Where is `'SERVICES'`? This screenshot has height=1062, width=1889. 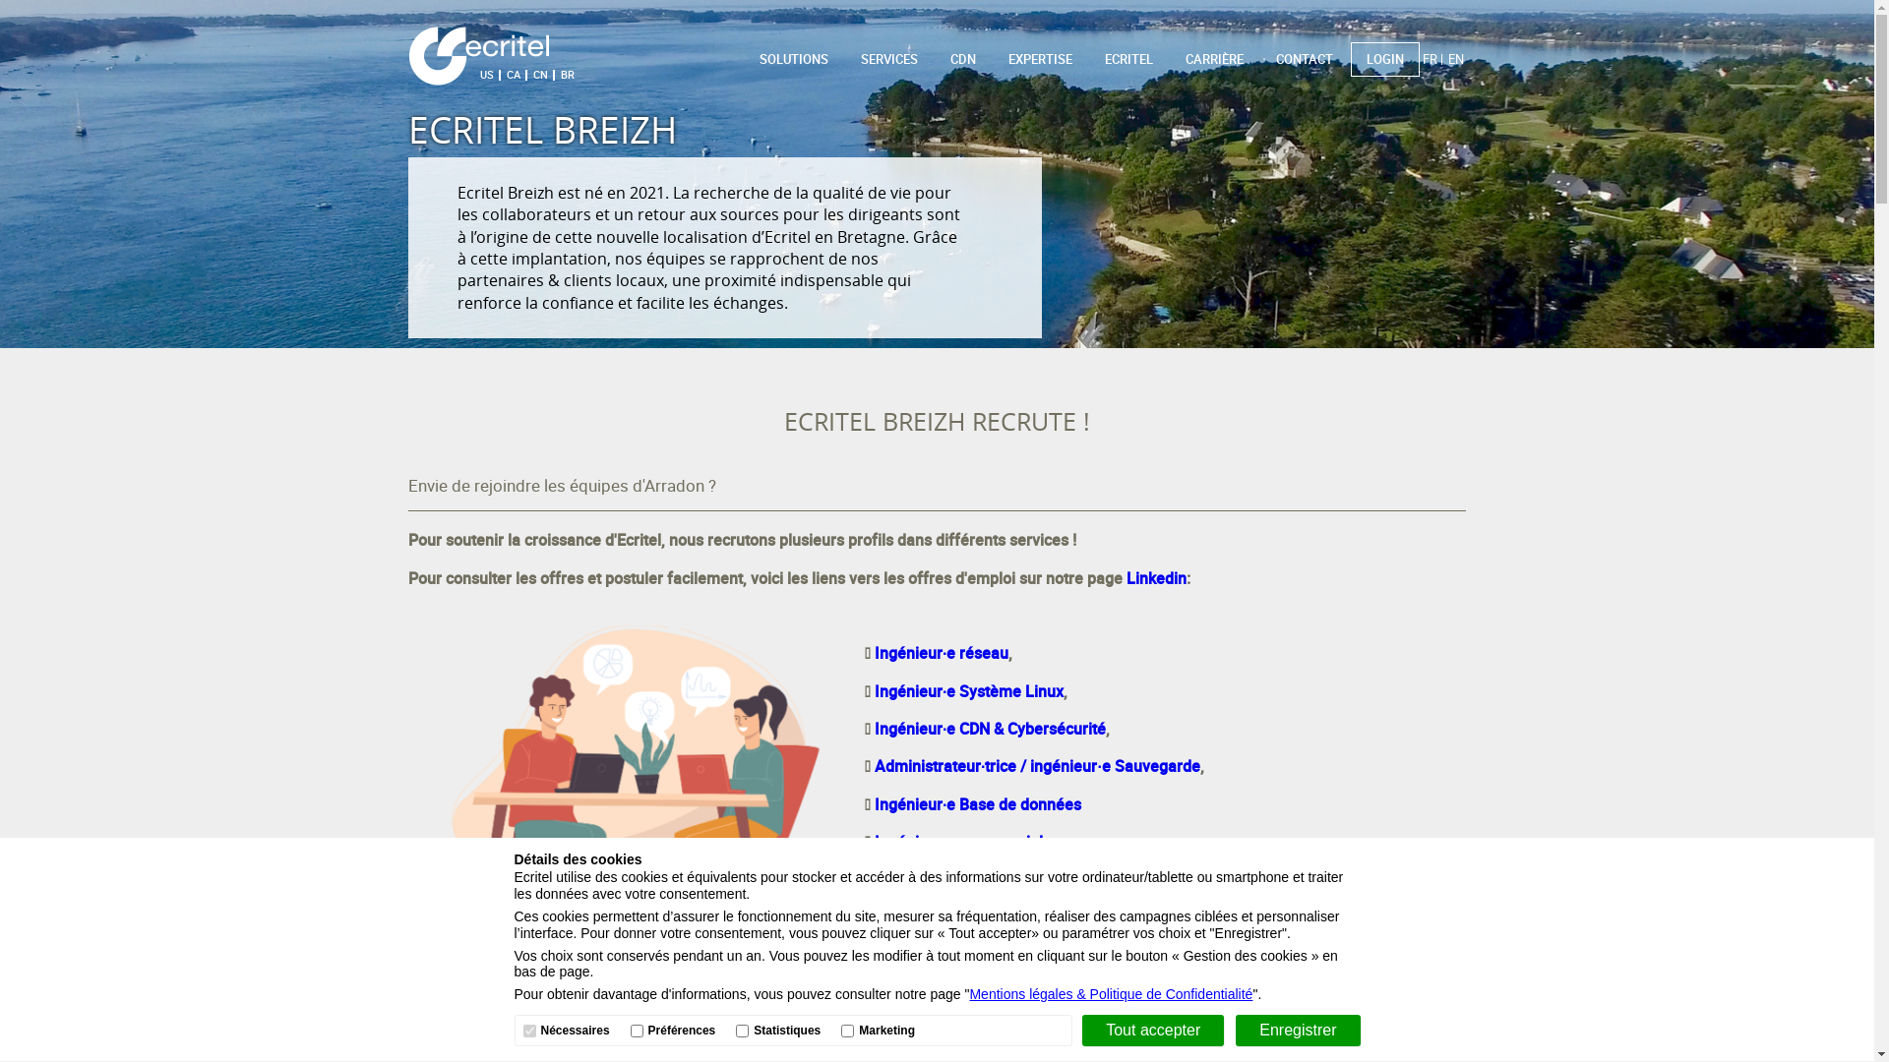 'SERVICES' is located at coordinates (887, 59).